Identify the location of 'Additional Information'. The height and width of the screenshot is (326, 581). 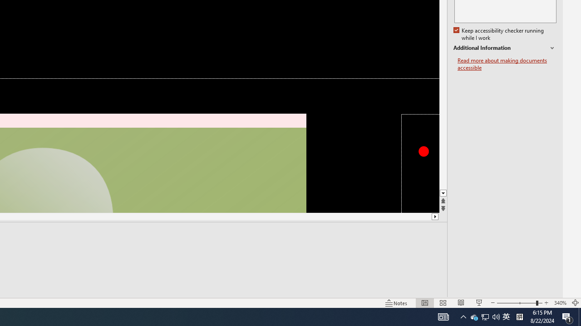
(504, 48).